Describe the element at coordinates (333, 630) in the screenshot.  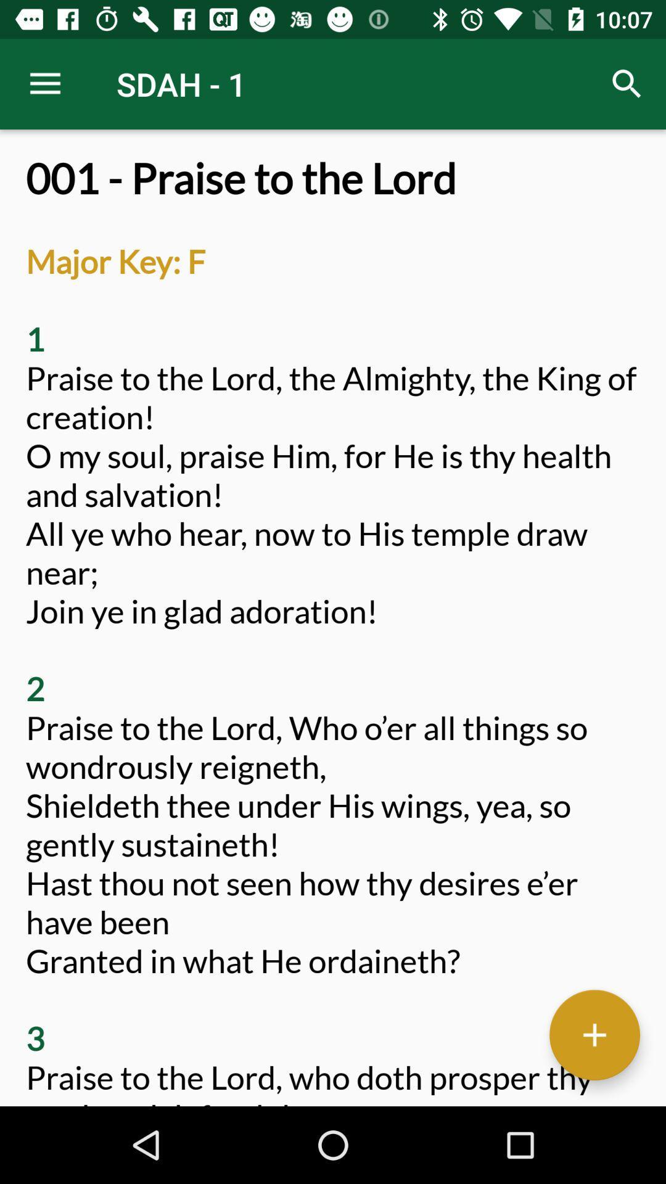
I see `001 praise to item` at that location.